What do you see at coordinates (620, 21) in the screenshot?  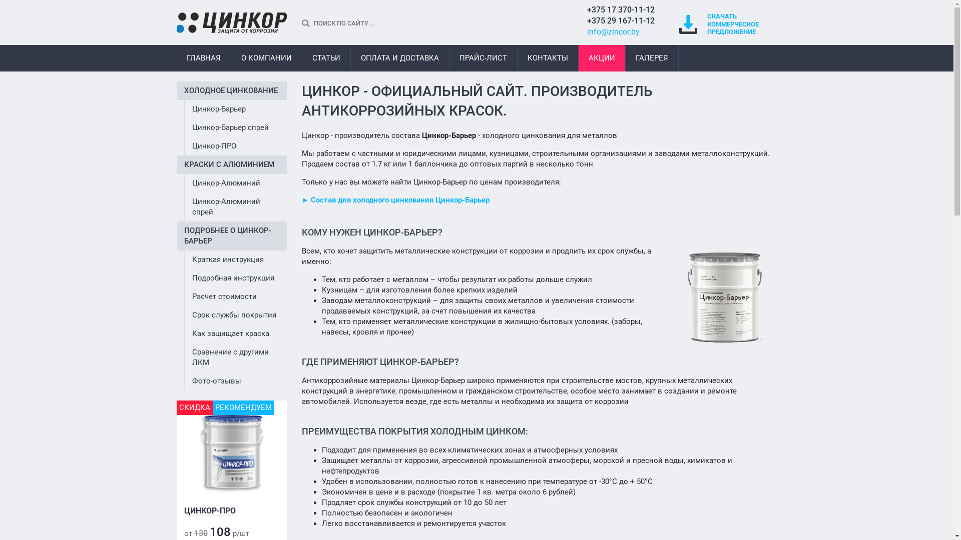 I see `'+375 29 167-11-12'` at bounding box center [620, 21].